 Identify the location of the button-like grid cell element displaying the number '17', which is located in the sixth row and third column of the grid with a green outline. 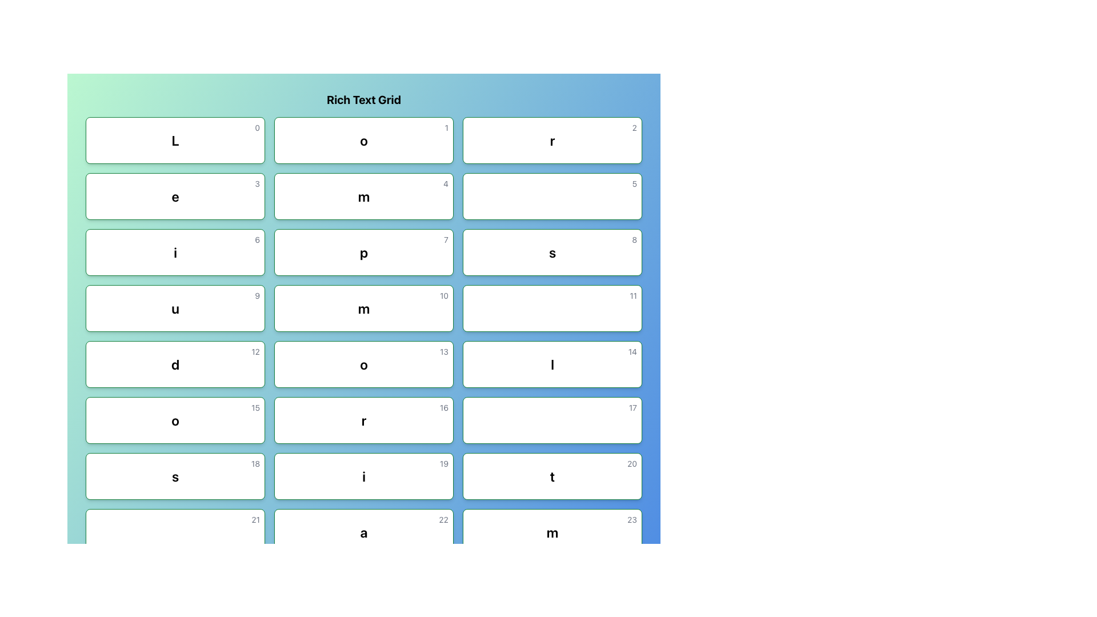
(552, 420).